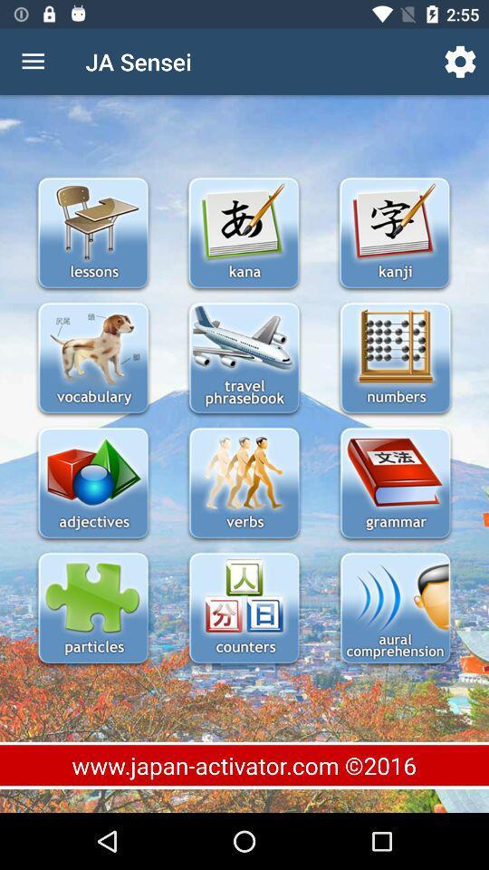 This screenshot has width=489, height=870. Describe the element at coordinates (93, 610) in the screenshot. I see `particles option` at that location.